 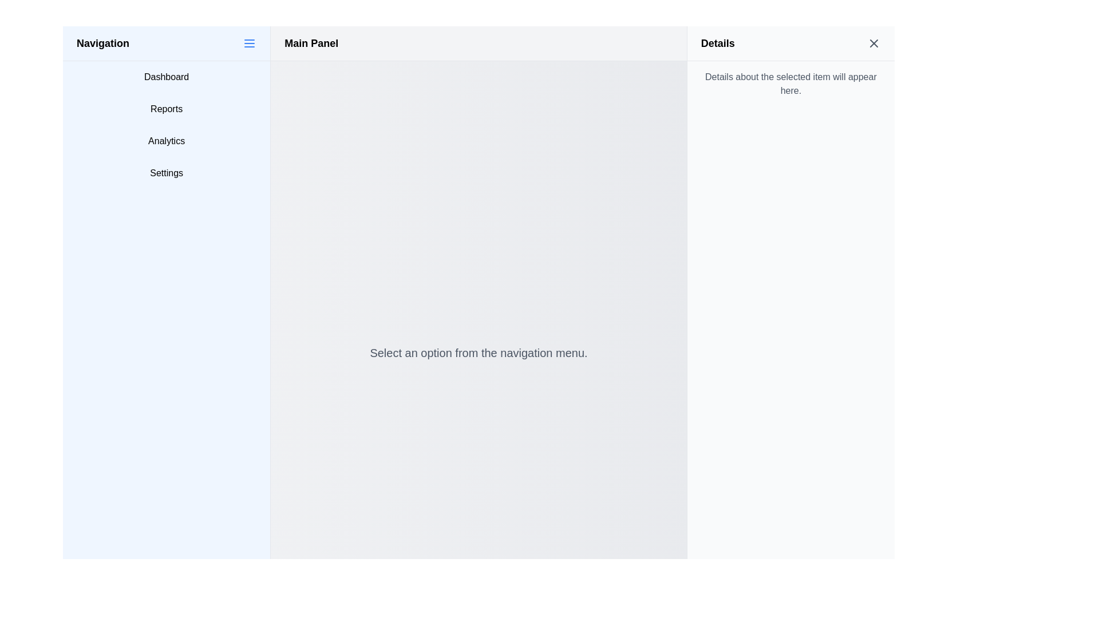 What do you see at coordinates (166, 77) in the screenshot?
I see `the first menu item in the vertical list of menu options in the left sidebar` at bounding box center [166, 77].